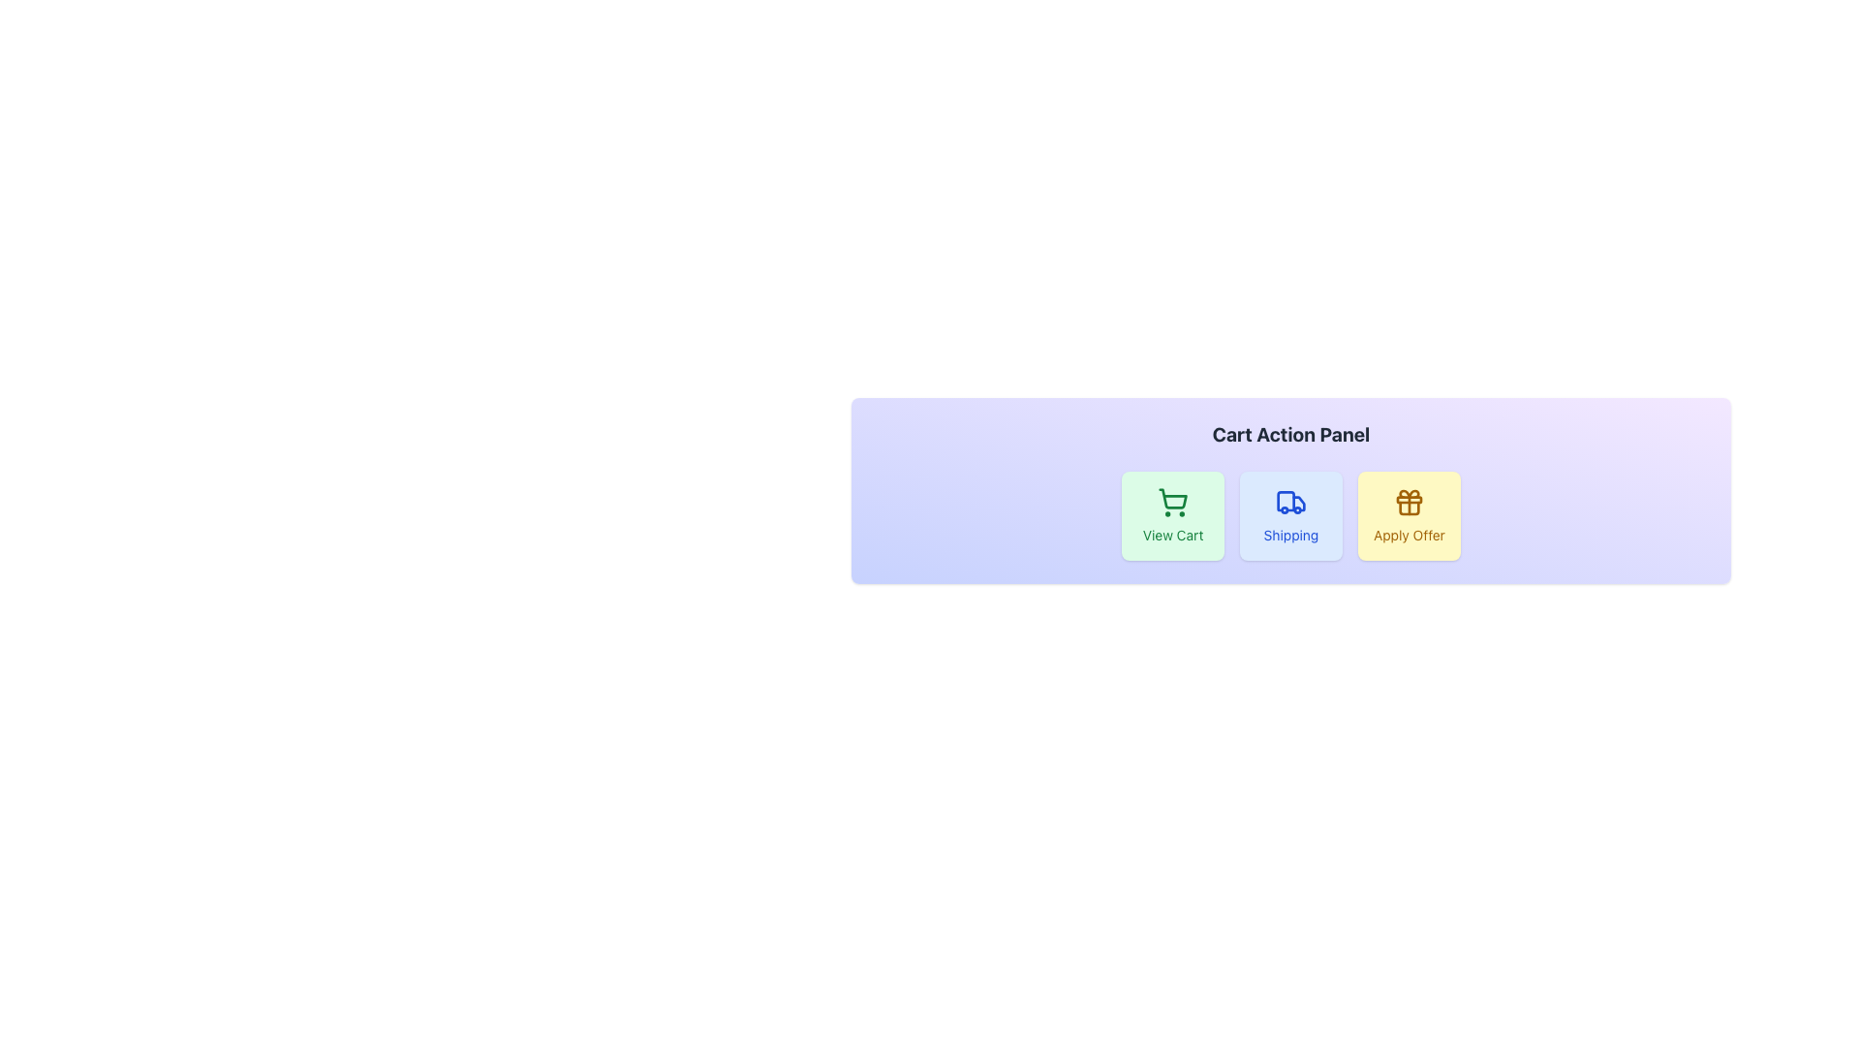 This screenshot has width=1860, height=1046. I want to click on the rightmost button in the 'Cart Action Panel', so click(1409, 514).